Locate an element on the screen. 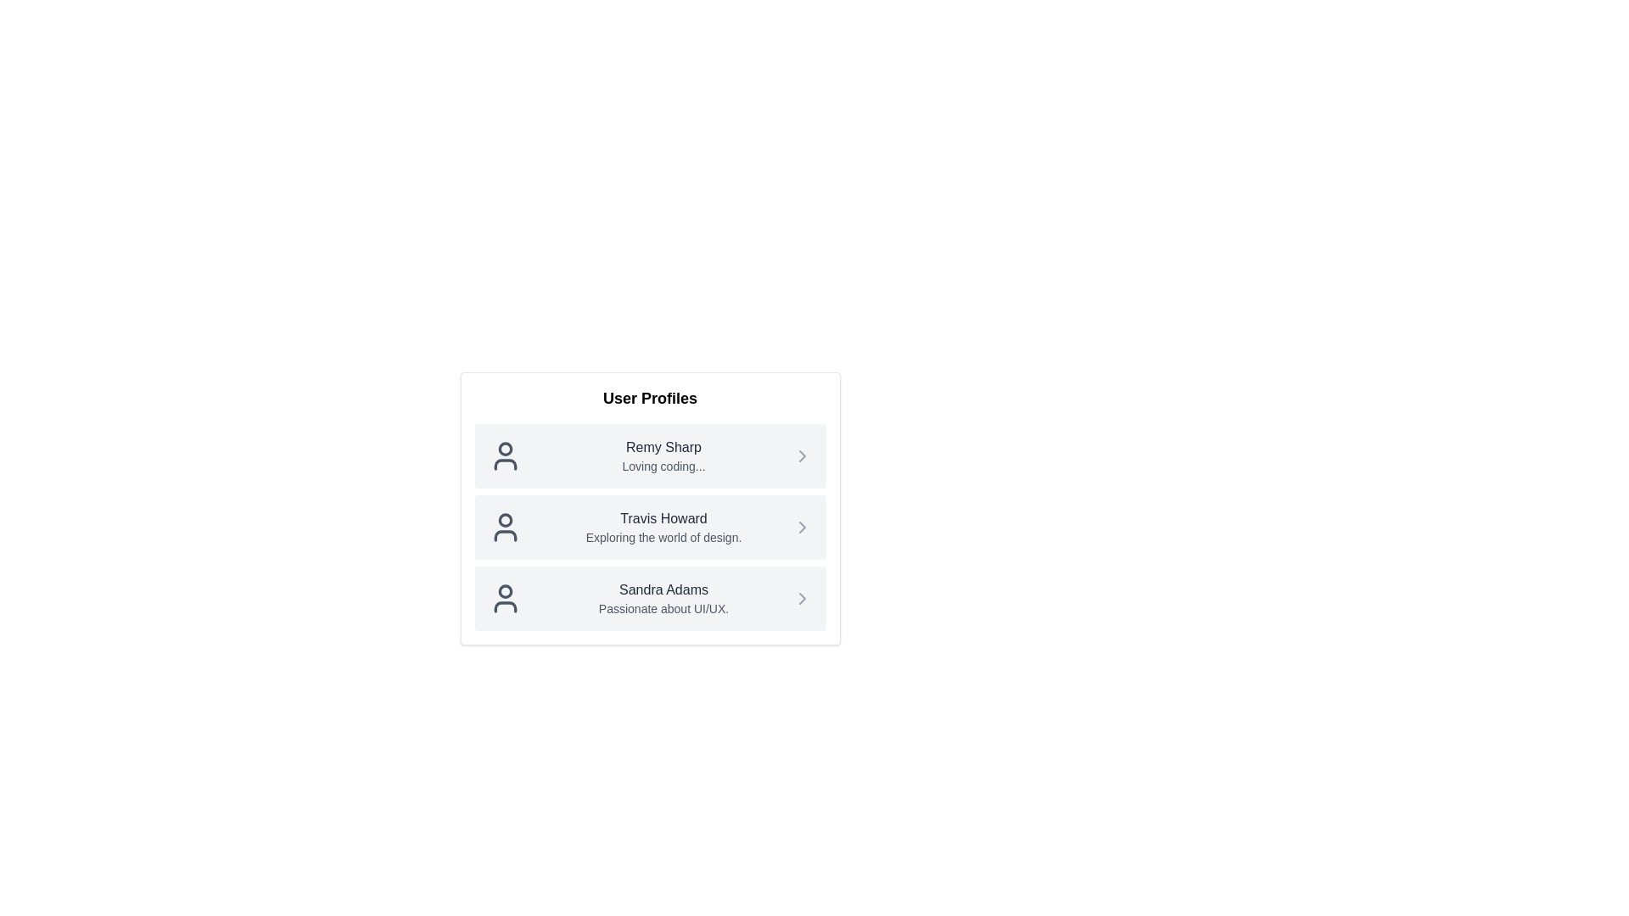 The height and width of the screenshot is (916, 1629). the List Entry Card for 'Sandra Adams', which is the third item in the vertical list of user profiles is located at coordinates (649, 597).